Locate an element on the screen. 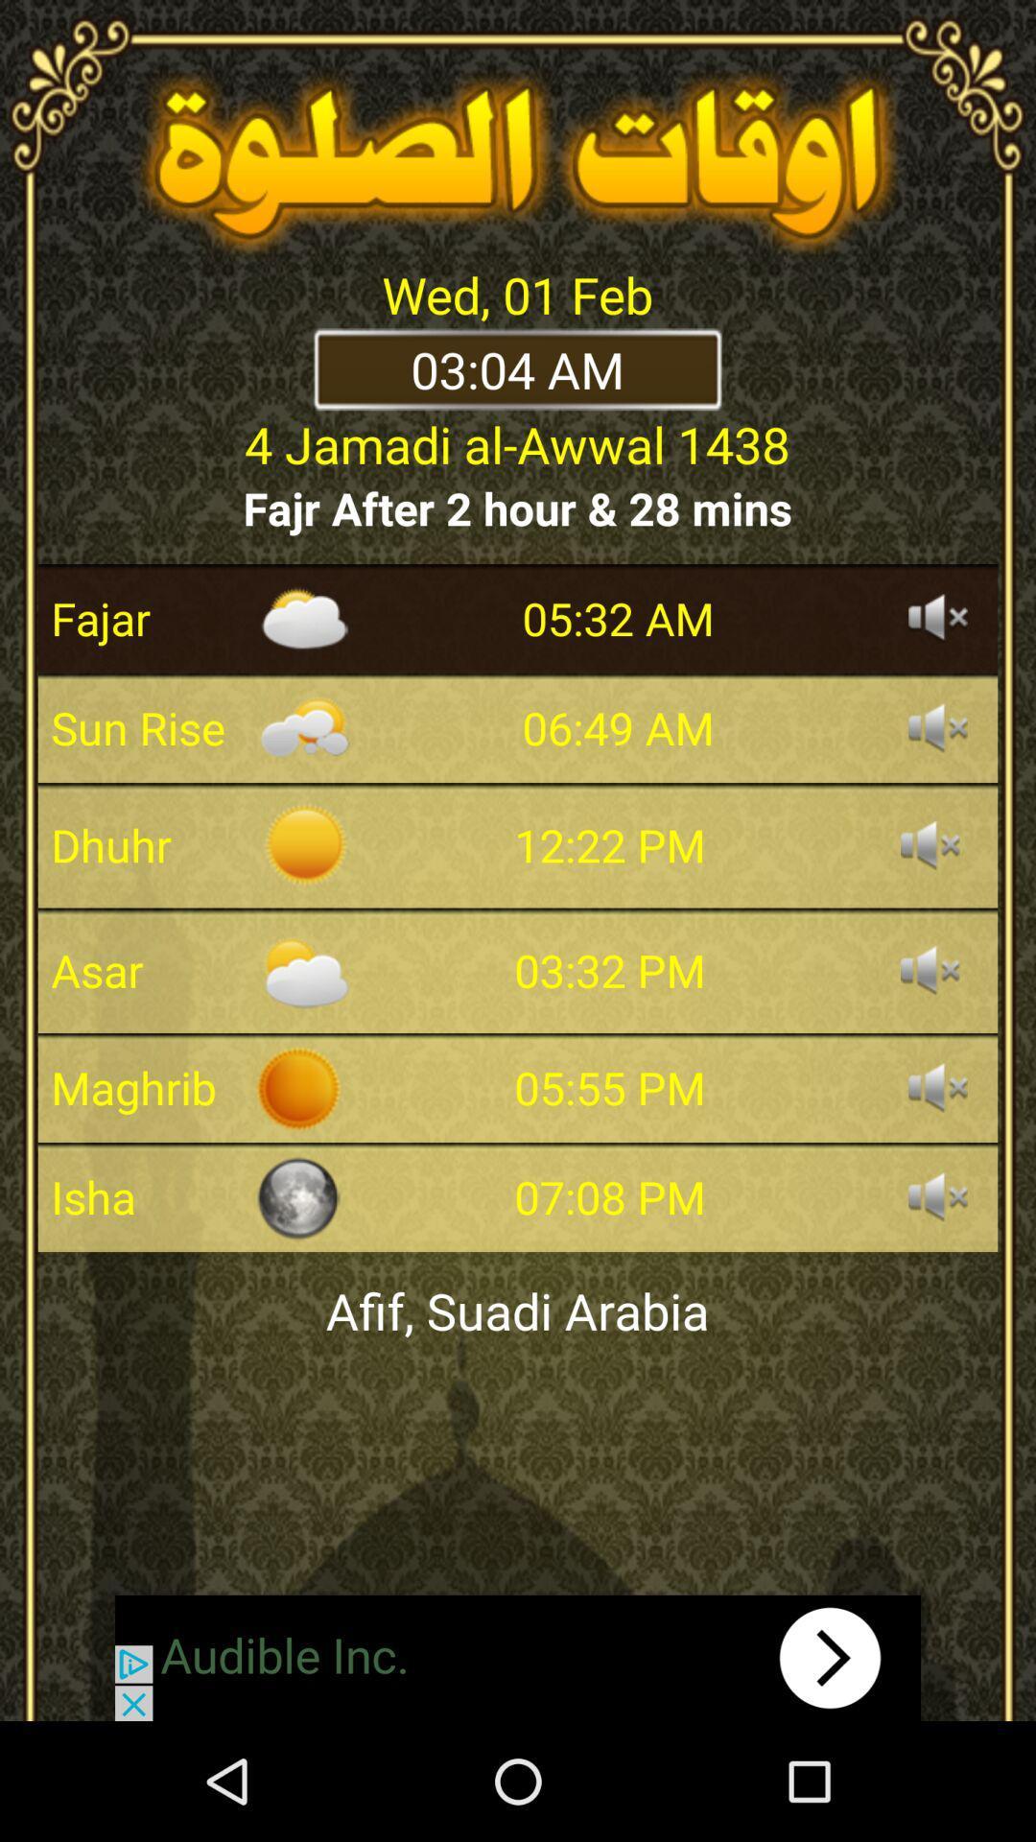 The width and height of the screenshot is (1036, 1842). the volume icon is located at coordinates (929, 970).